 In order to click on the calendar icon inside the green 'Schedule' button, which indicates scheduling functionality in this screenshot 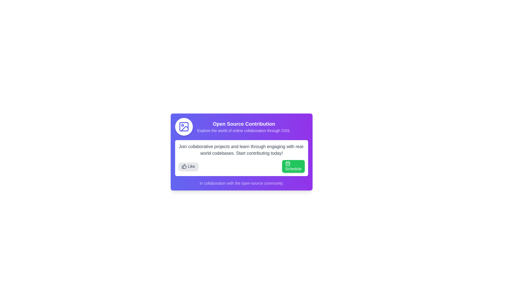, I will do `click(288, 163)`.